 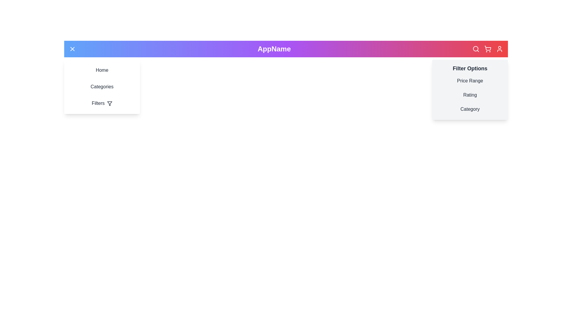 I want to click on the 'Price Range' button, which is a rectangular button with rounded corners, located within the 'Filter Options' section in the top right corner of the interface, so click(x=469, y=81).